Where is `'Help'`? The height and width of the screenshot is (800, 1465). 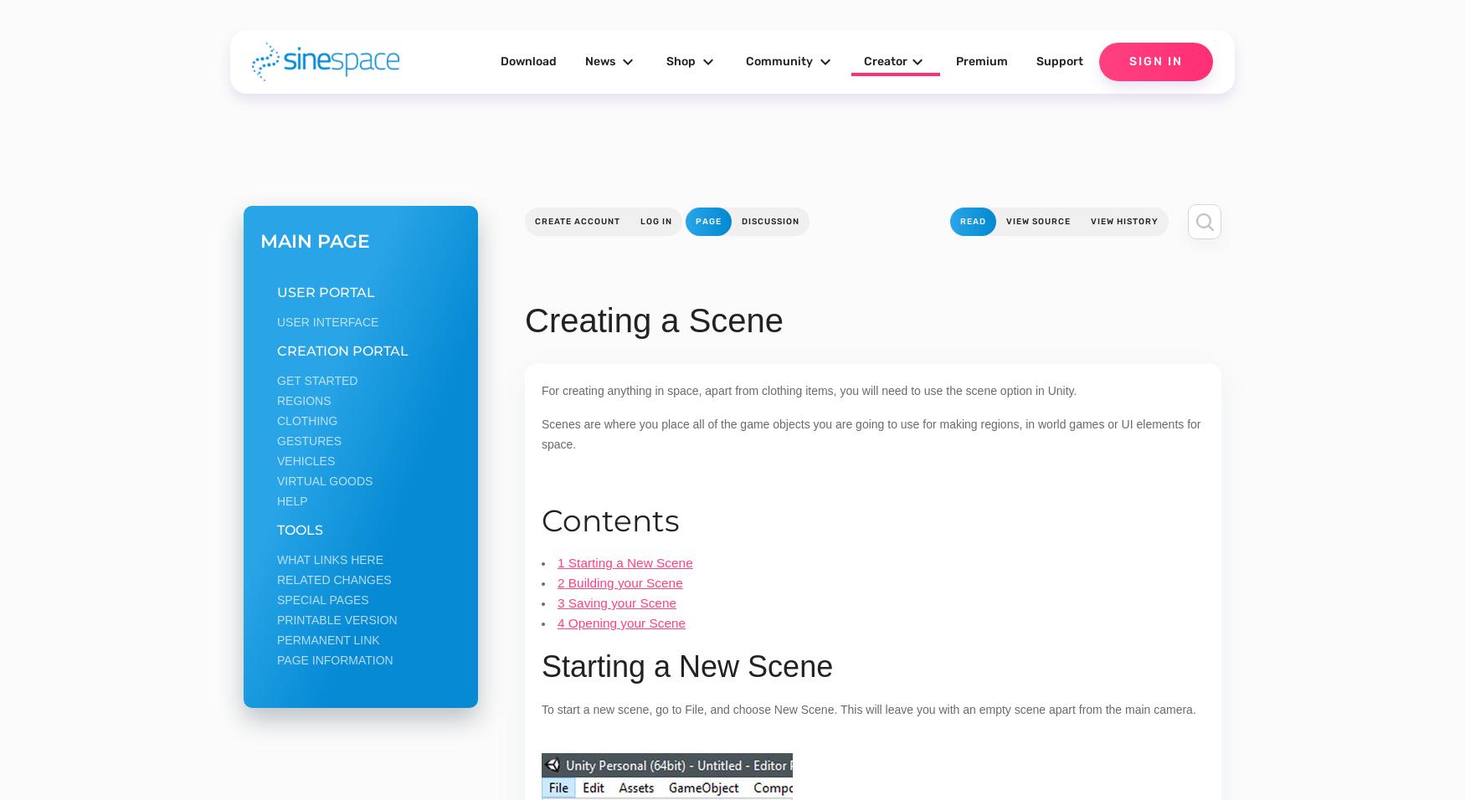
'Help' is located at coordinates (291, 501).